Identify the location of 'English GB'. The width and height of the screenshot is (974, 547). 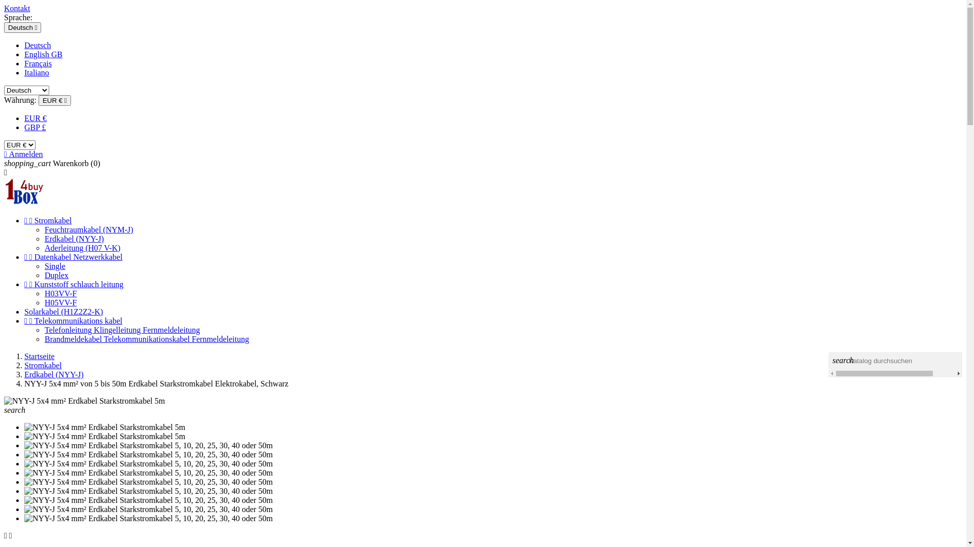
(24, 54).